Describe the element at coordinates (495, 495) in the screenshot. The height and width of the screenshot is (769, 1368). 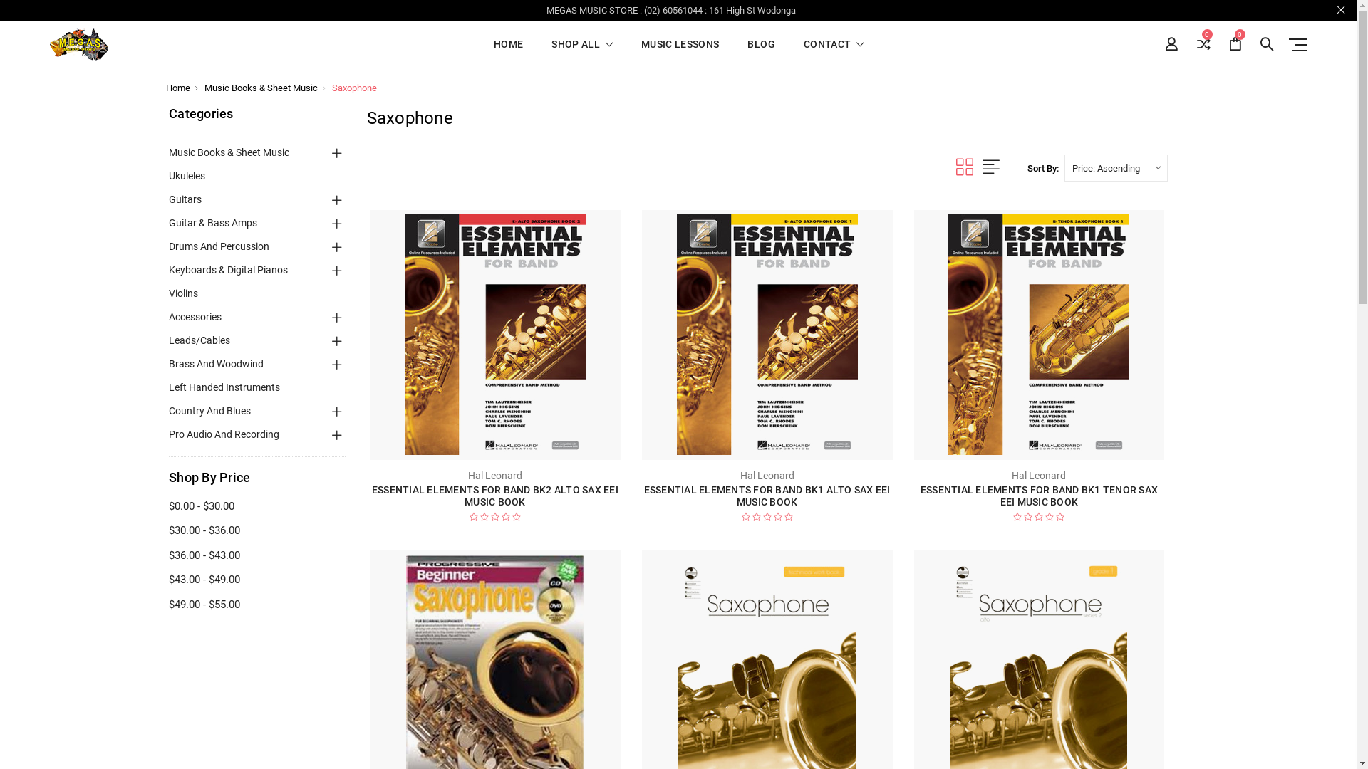
I see `'ESSENTIAL ELEMENTS FOR BAND BK2 ALTO SAX EEI MUSIC BOOK'` at that location.